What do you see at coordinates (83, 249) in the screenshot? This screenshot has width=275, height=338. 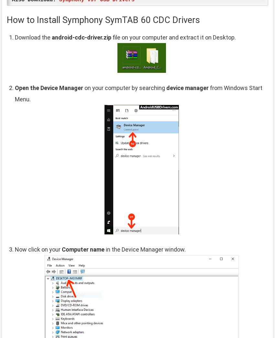 I see `'Computer name'` at bounding box center [83, 249].